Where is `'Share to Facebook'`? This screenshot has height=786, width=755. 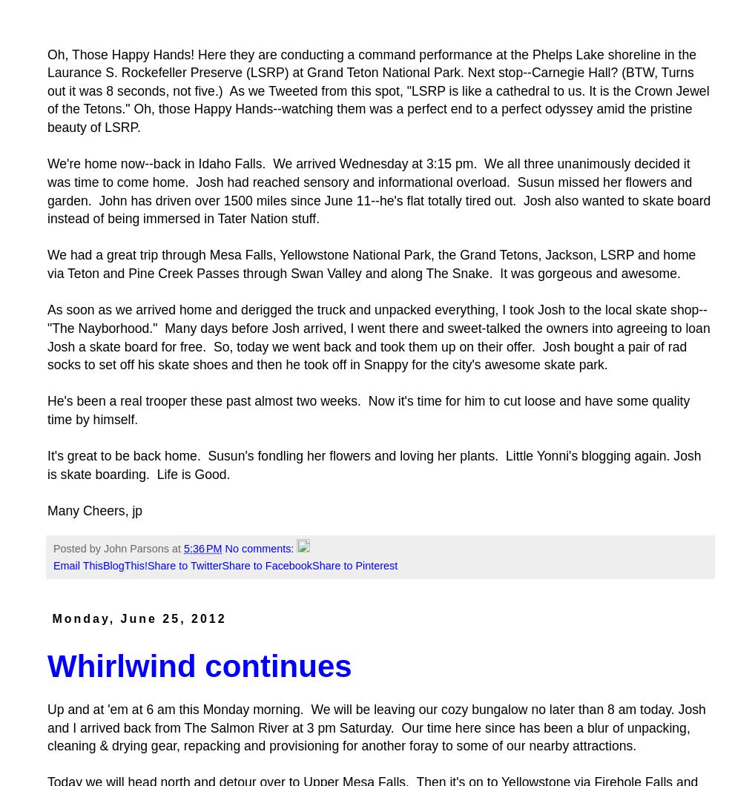
'Share to Facebook' is located at coordinates (266, 564).